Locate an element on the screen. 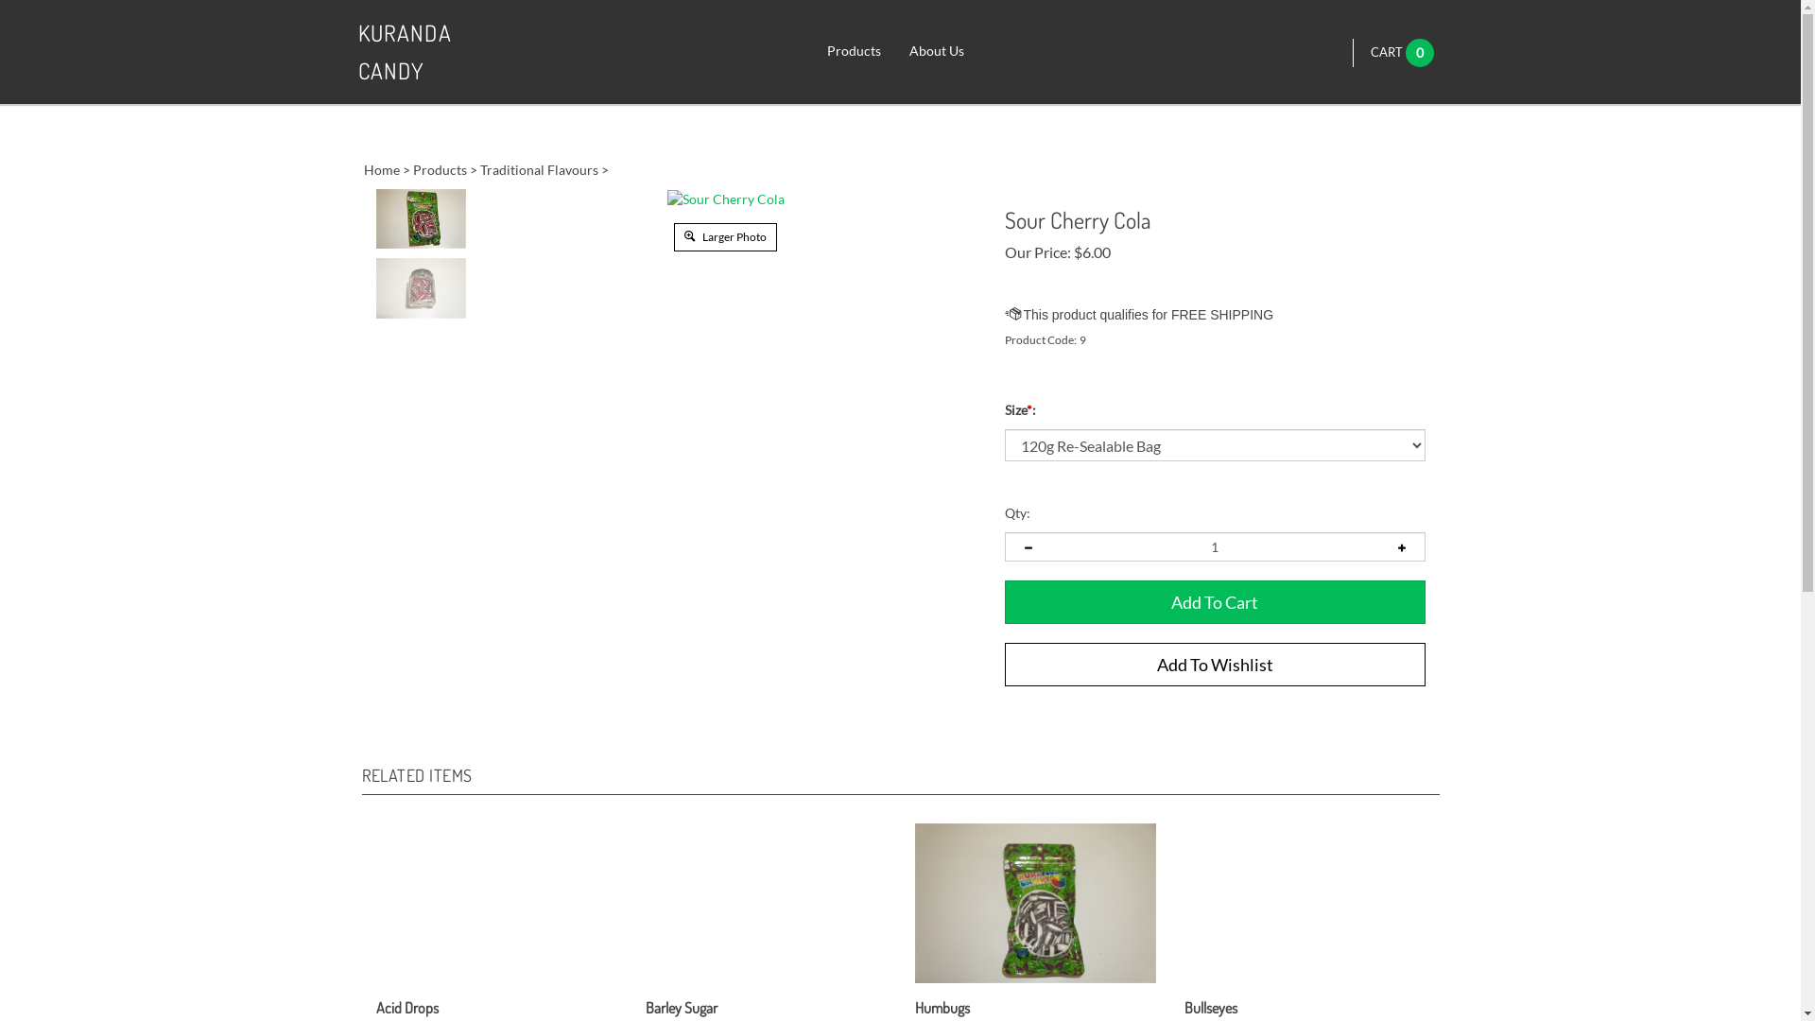 The image size is (1815, 1021). 'Traditional Flavours' is located at coordinates (538, 168).